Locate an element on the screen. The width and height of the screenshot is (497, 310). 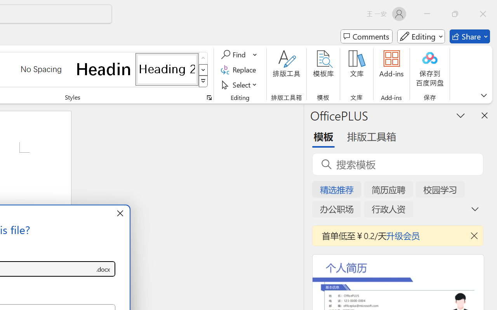
'Select' is located at coordinates (240, 84).